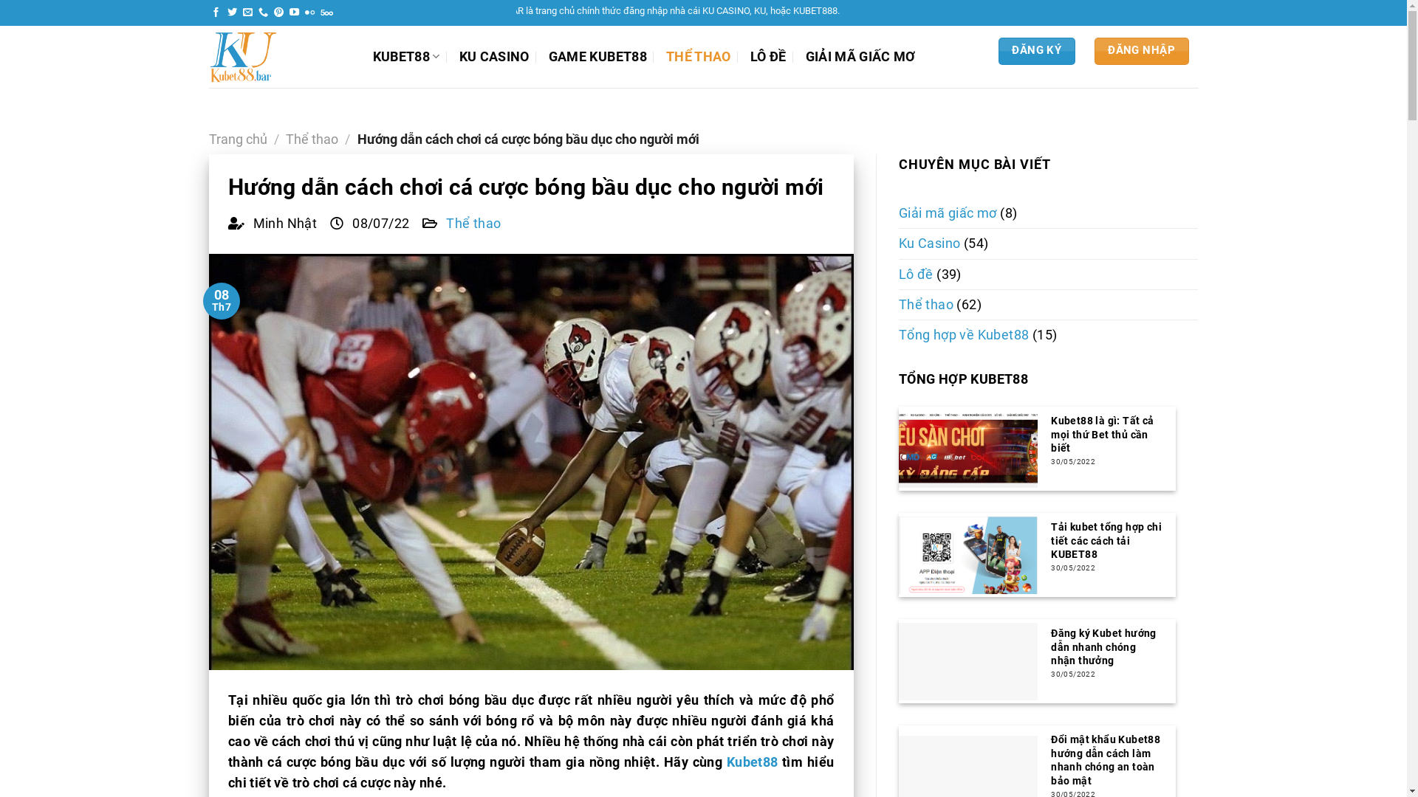 The width and height of the screenshot is (1418, 797). I want to click on 'GAME KUBET88', so click(597, 56).